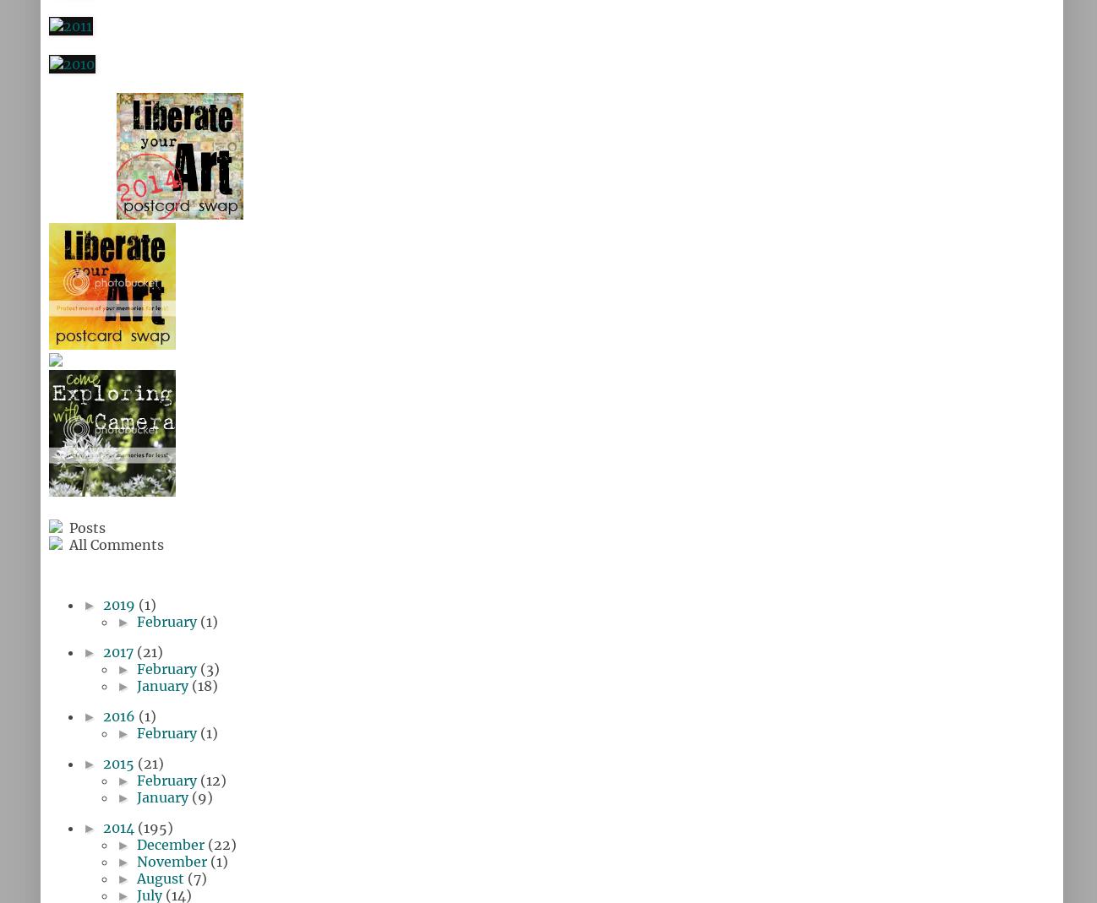 This screenshot has height=903, width=1097. Describe the element at coordinates (58, 39) in the screenshot. I see `'2010'` at that location.